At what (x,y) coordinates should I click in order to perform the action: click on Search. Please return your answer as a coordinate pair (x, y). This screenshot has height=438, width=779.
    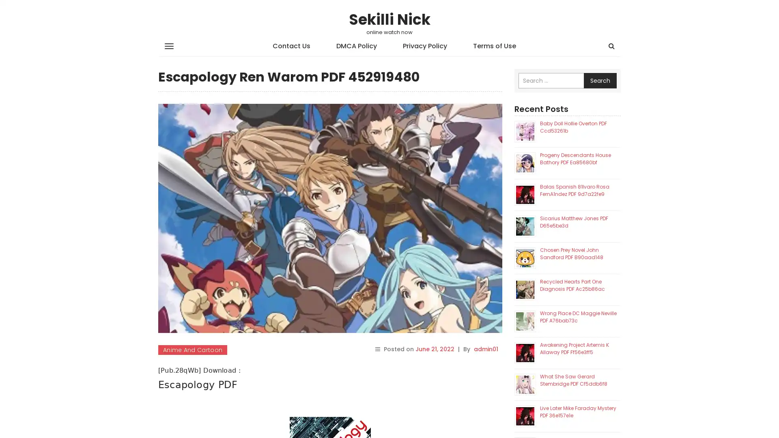
    Looking at the image, I should click on (600, 81).